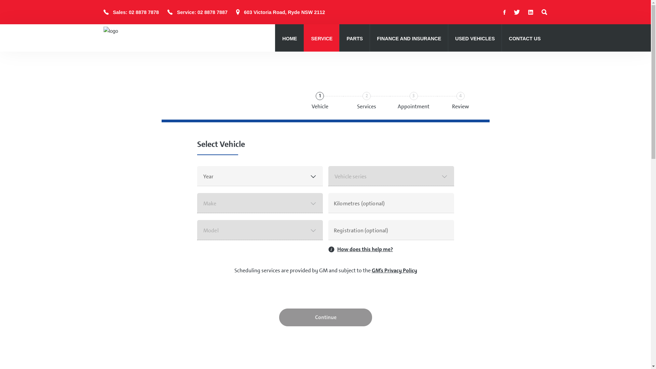 The image size is (656, 369). Describe the element at coordinates (321, 38) in the screenshot. I see `'SERVICE'` at that location.